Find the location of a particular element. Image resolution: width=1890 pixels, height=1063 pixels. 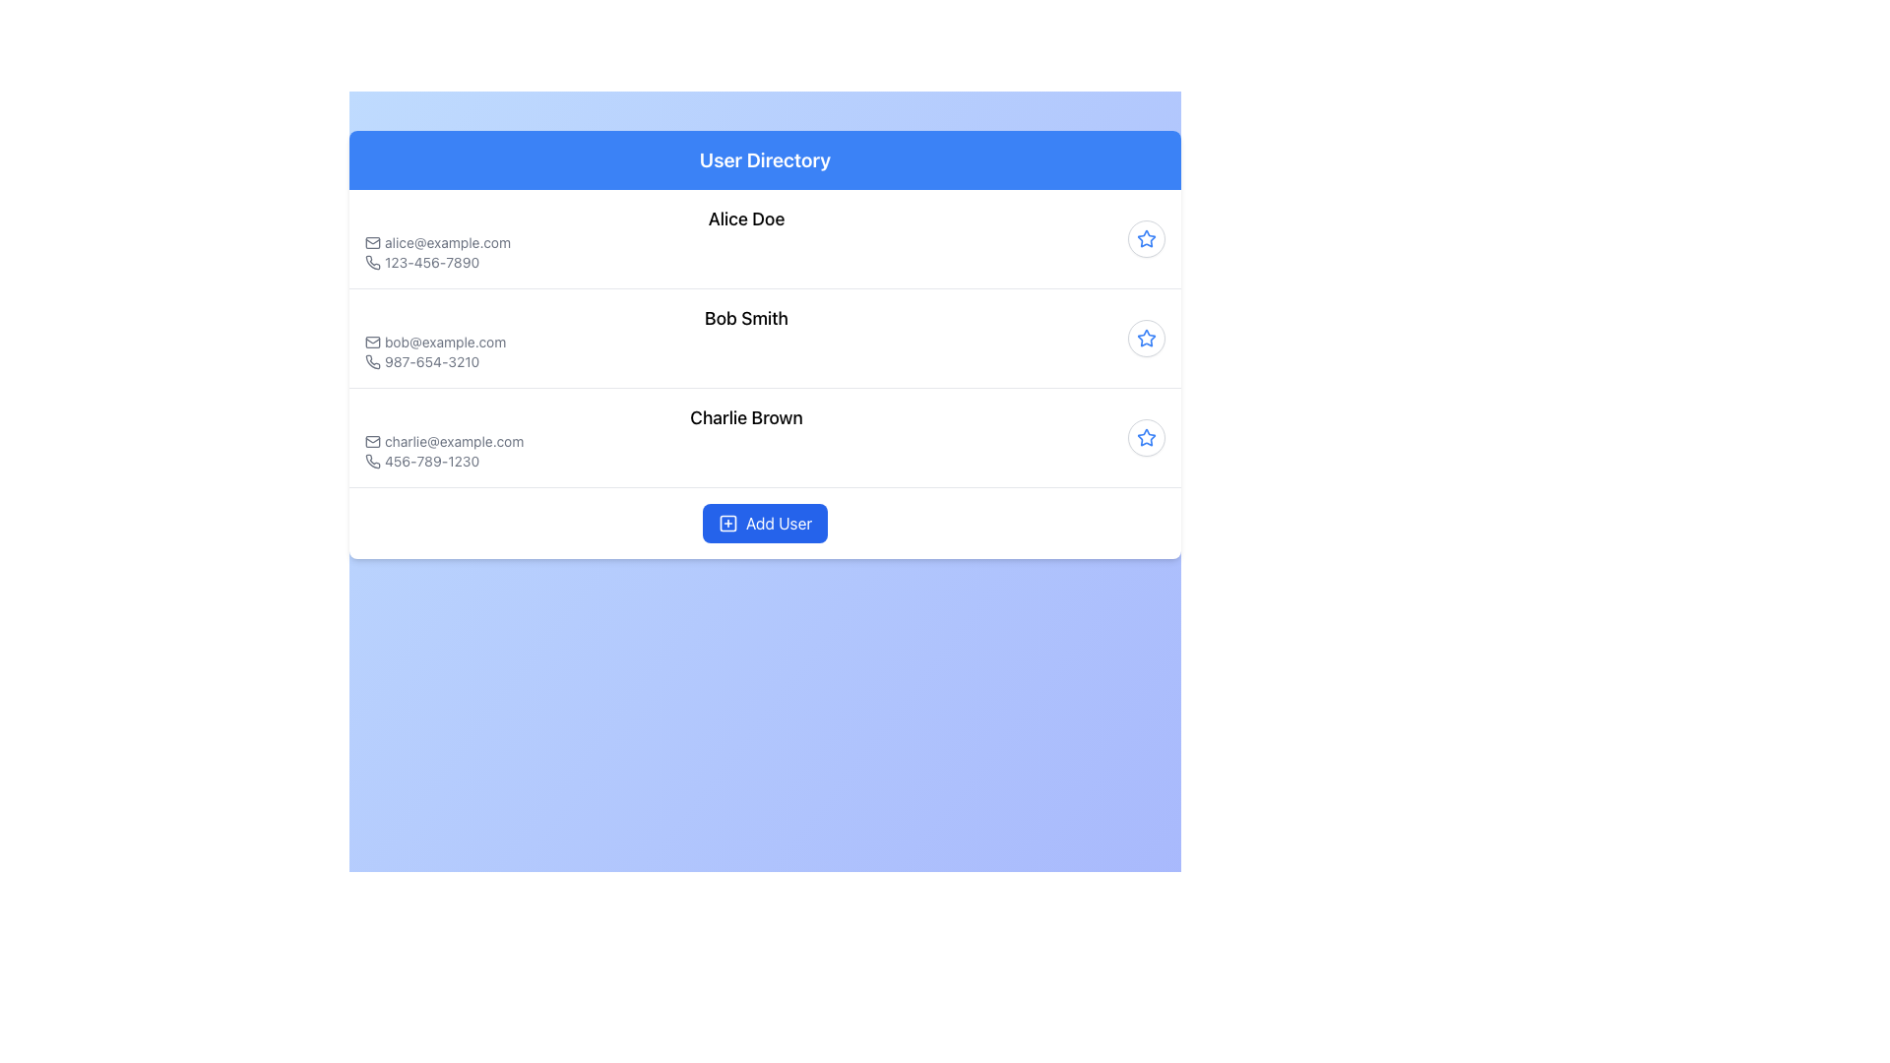

the phone call icon located next to the phone number of Charlie Brown in the directory list is located at coordinates (373, 462).